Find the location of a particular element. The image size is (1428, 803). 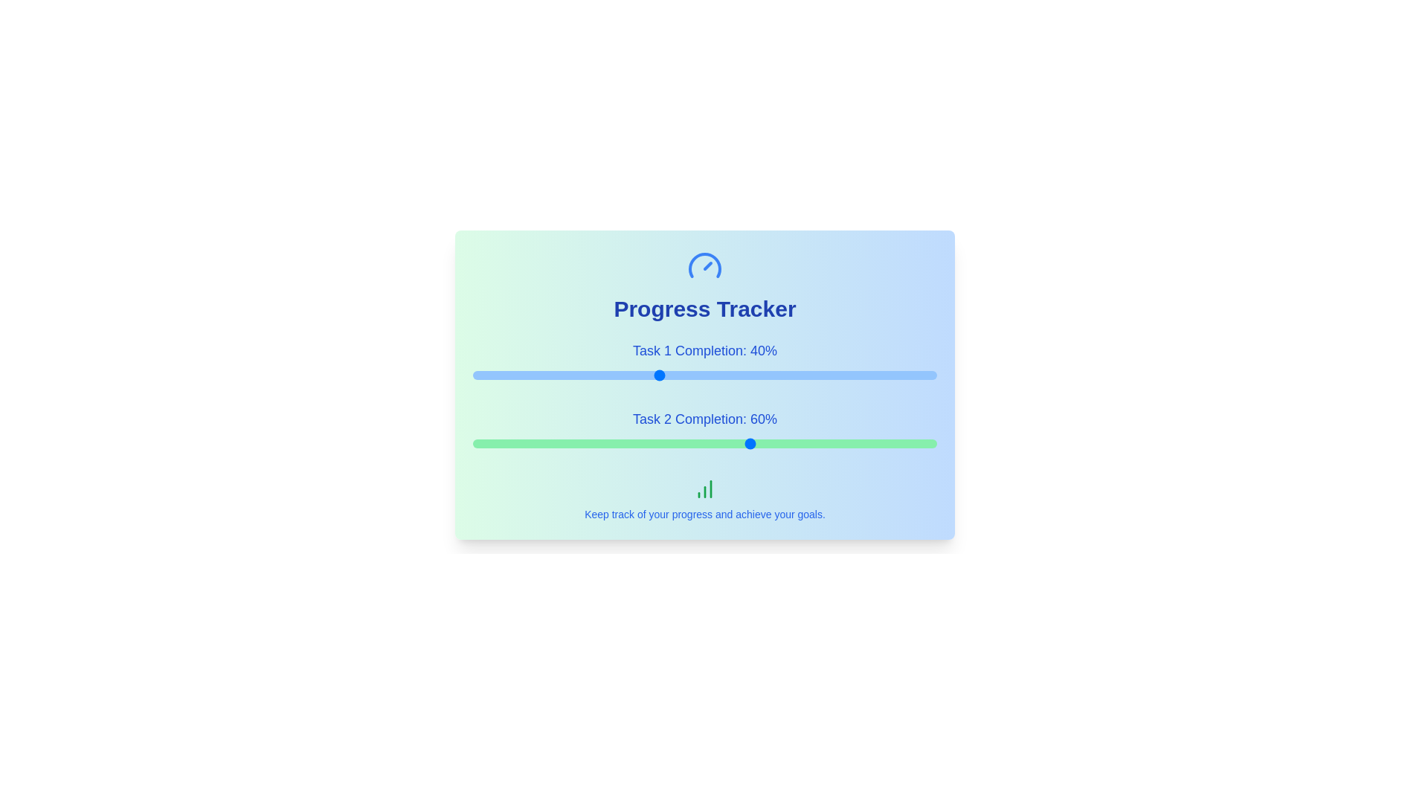

the progress value is located at coordinates (640, 375).